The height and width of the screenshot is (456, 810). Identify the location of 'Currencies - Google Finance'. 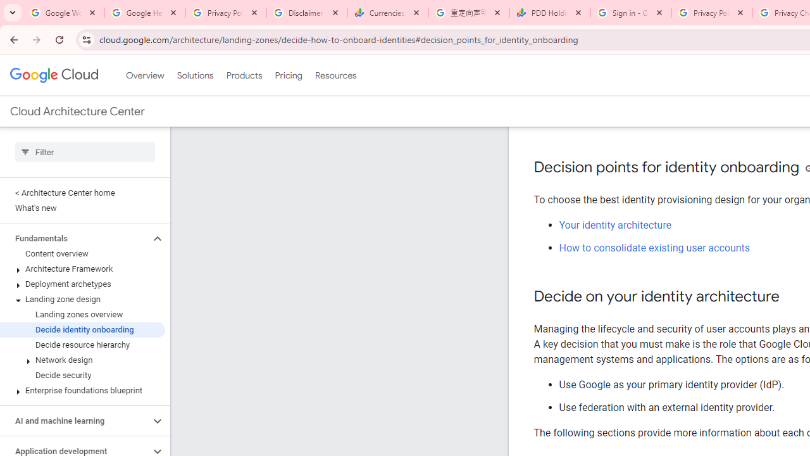
(387, 13).